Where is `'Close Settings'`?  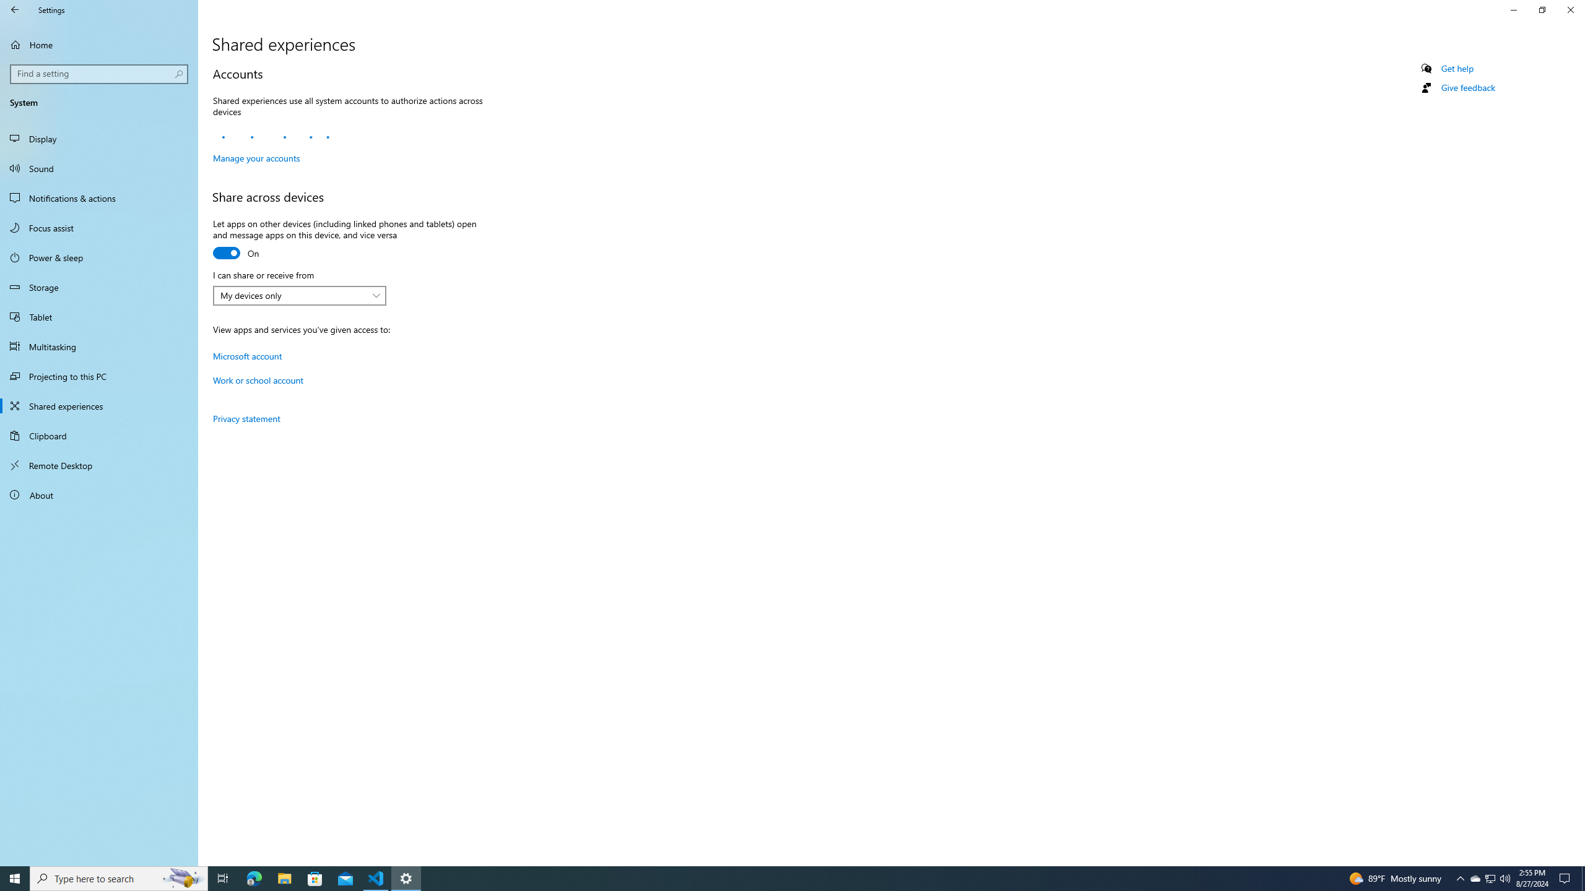 'Close Settings' is located at coordinates (1570, 9).